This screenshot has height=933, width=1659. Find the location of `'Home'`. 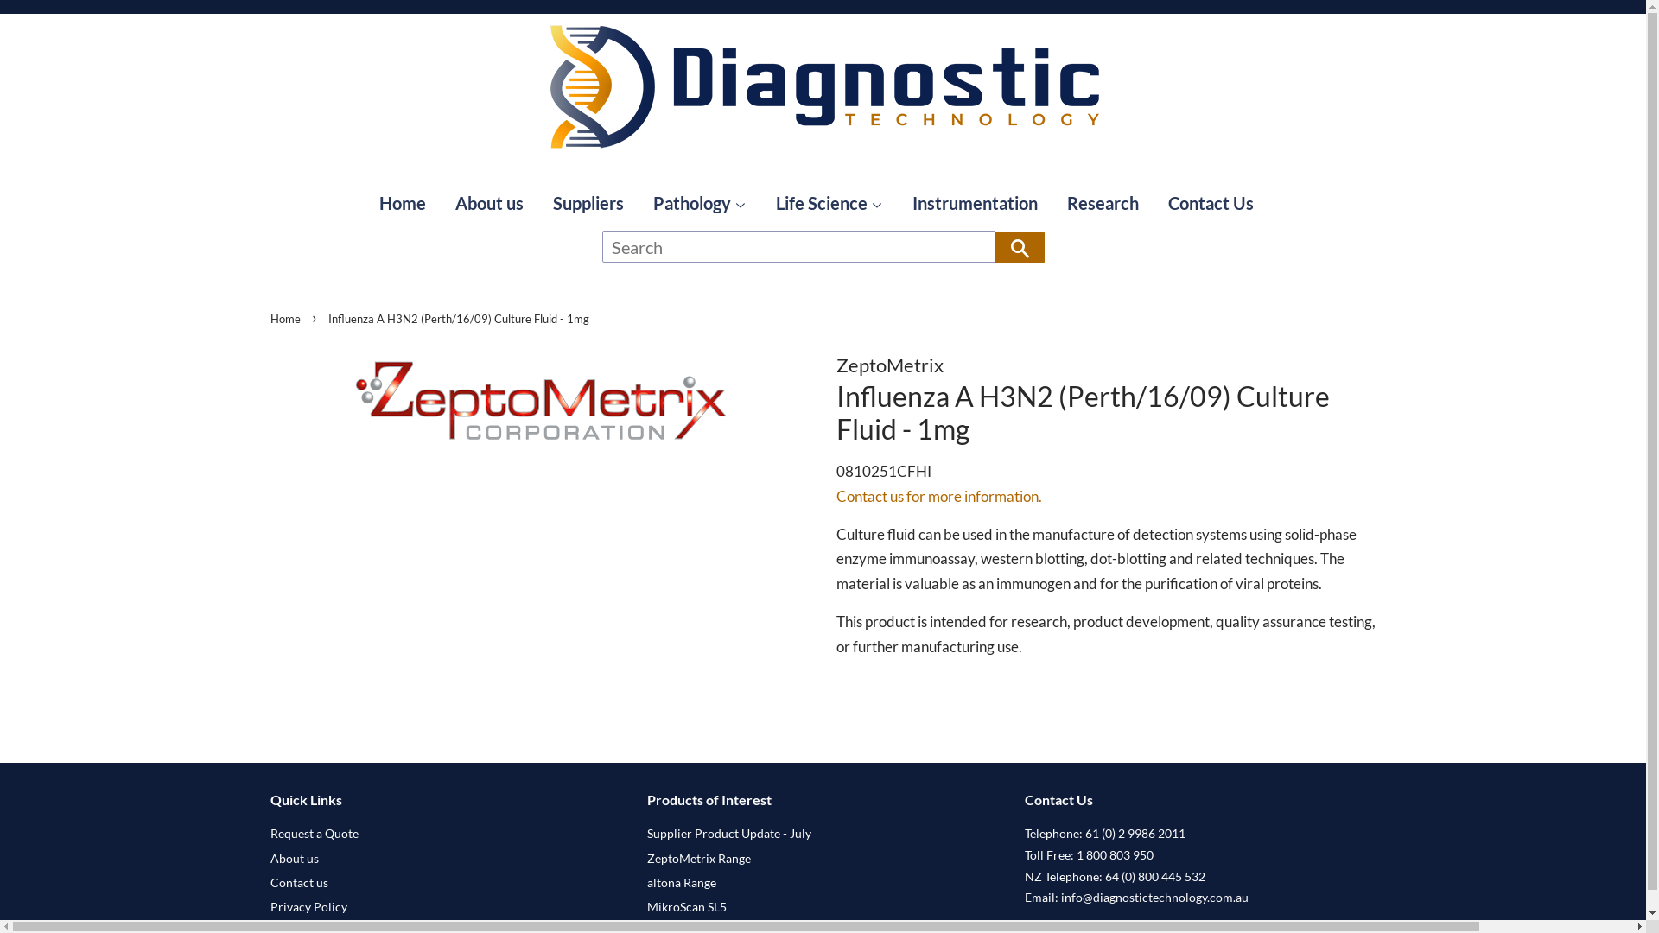

'Home' is located at coordinates (408, 202).